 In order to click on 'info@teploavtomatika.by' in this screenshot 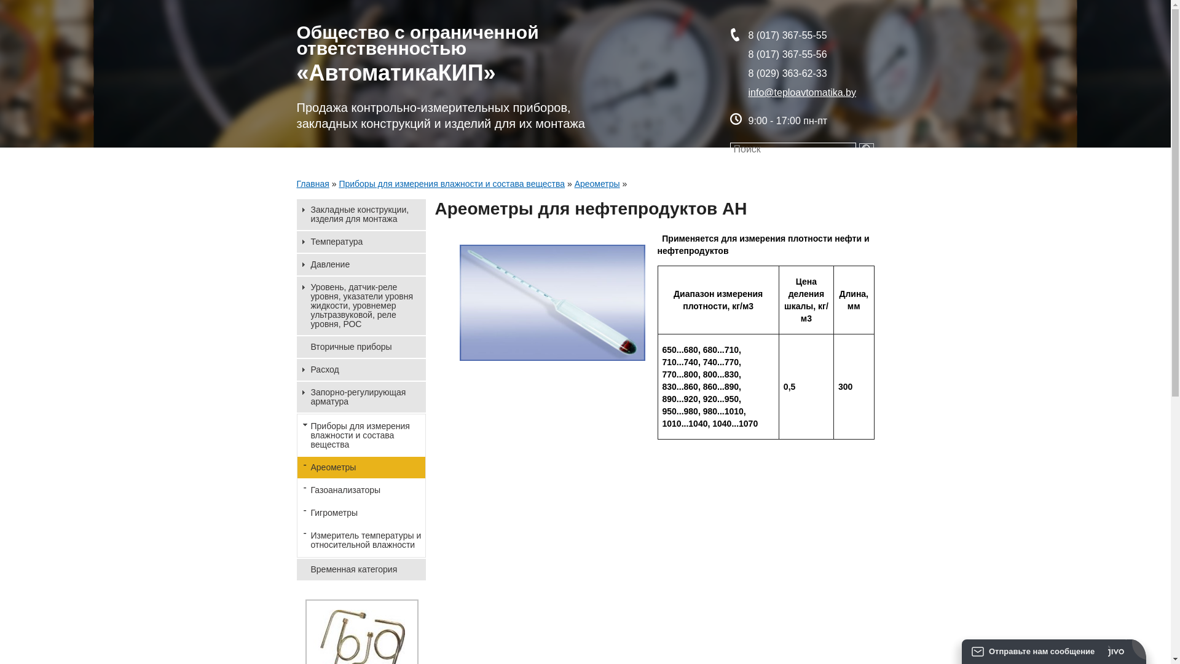, I will do `click(802, 92)`.